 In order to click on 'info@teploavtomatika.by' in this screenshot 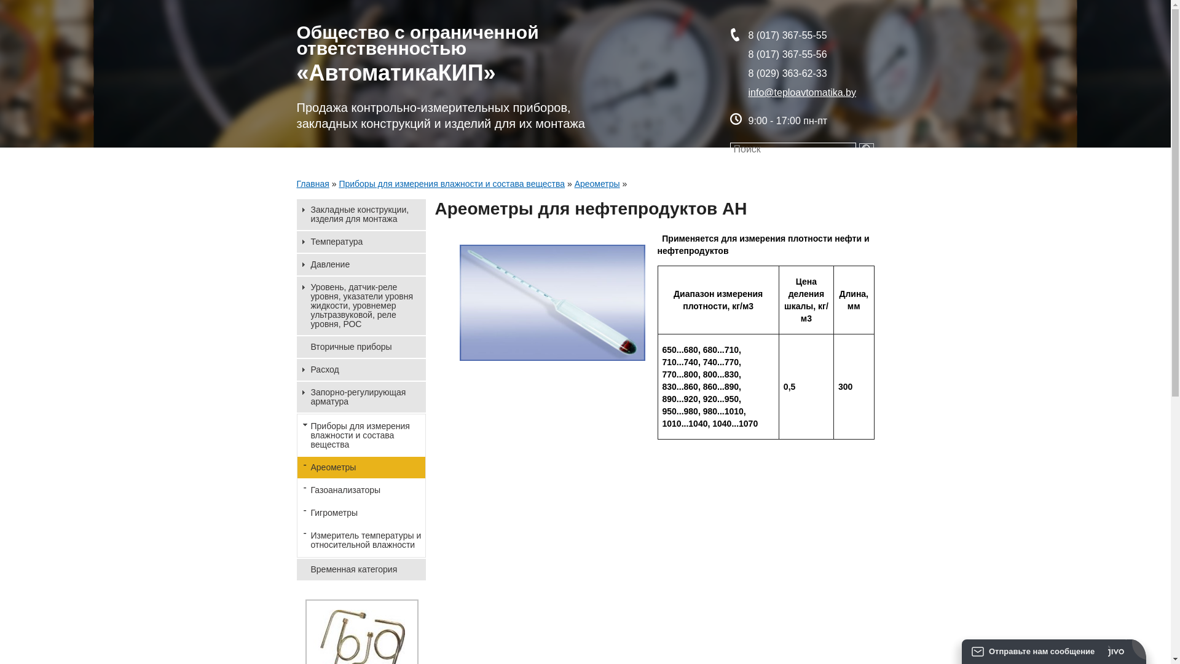, I will do `click(802, 92)`.